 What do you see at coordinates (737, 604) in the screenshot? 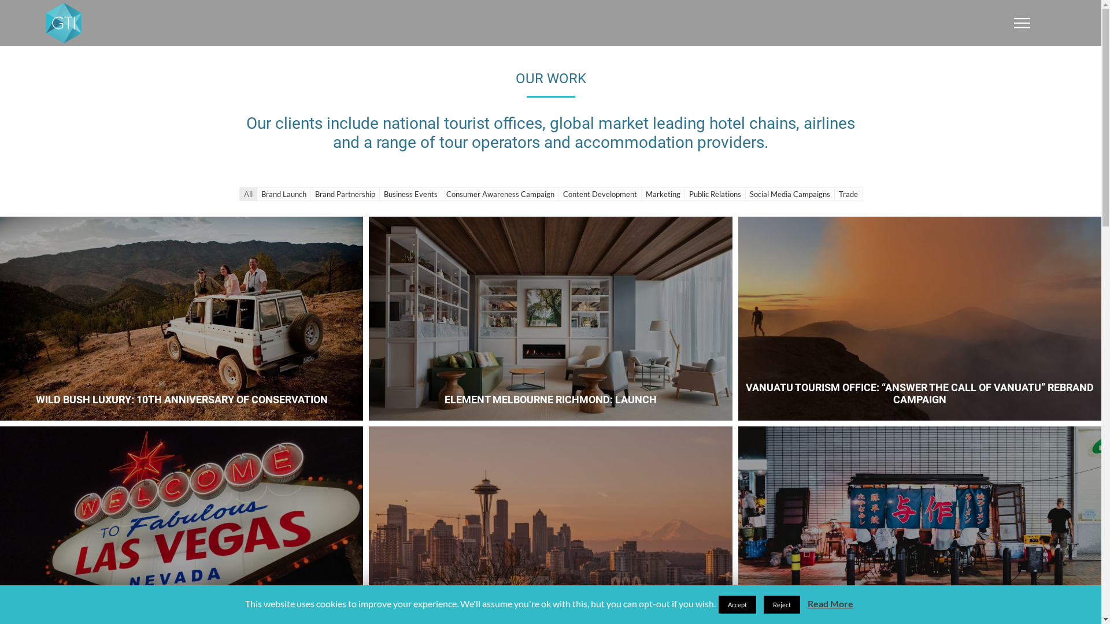
I see `'Accept'` at bounding box center [737, 604].